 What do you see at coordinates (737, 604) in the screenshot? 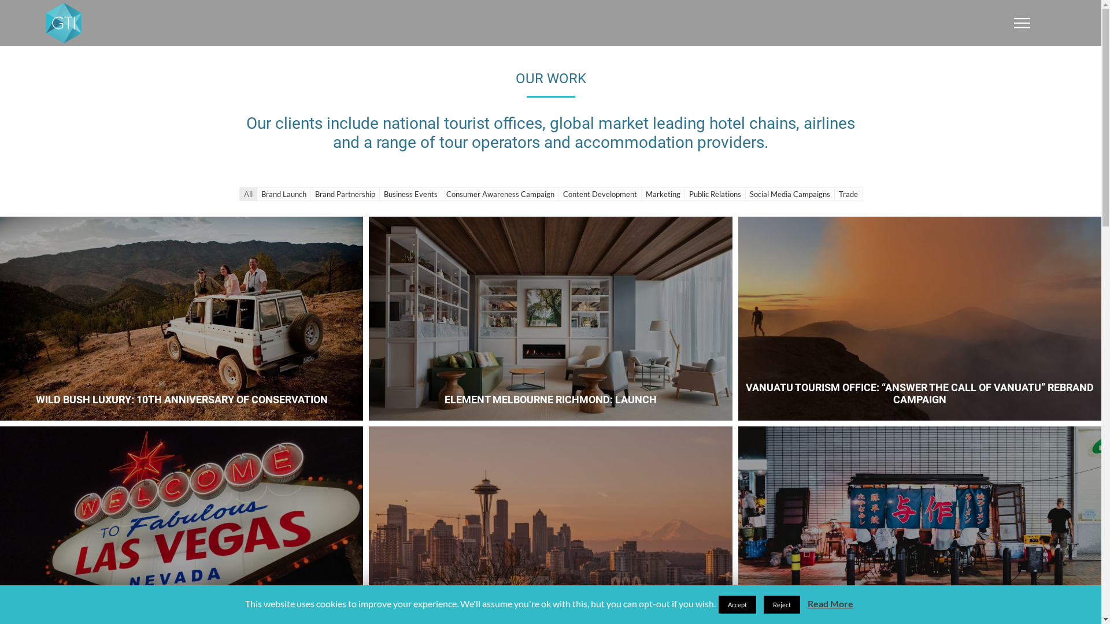
I see `'Accept'` at bounding box center [737, 604].